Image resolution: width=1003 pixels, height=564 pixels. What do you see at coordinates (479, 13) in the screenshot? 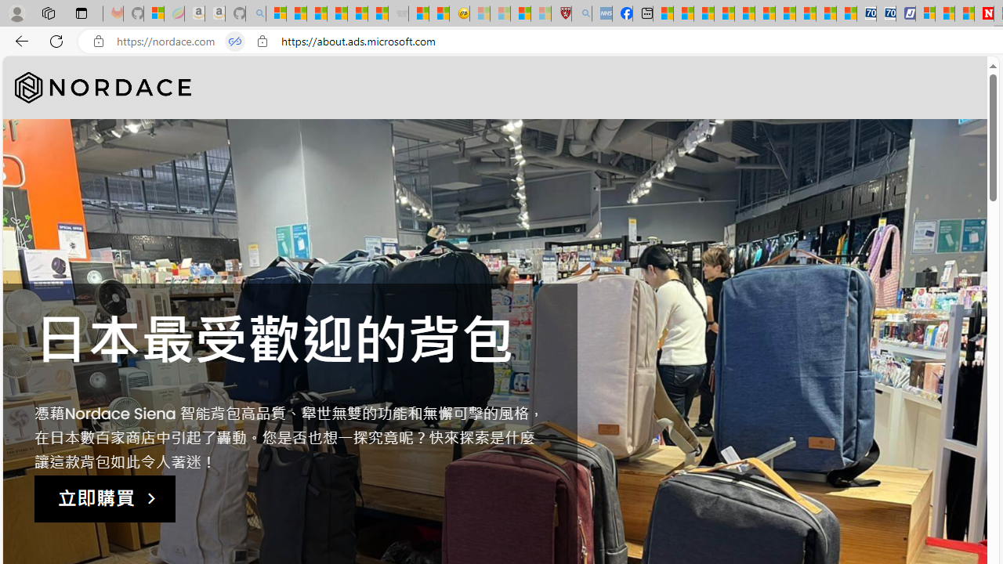
I see `'Recipes - MSN - Sleeping'` at bounding box center [479, 13].